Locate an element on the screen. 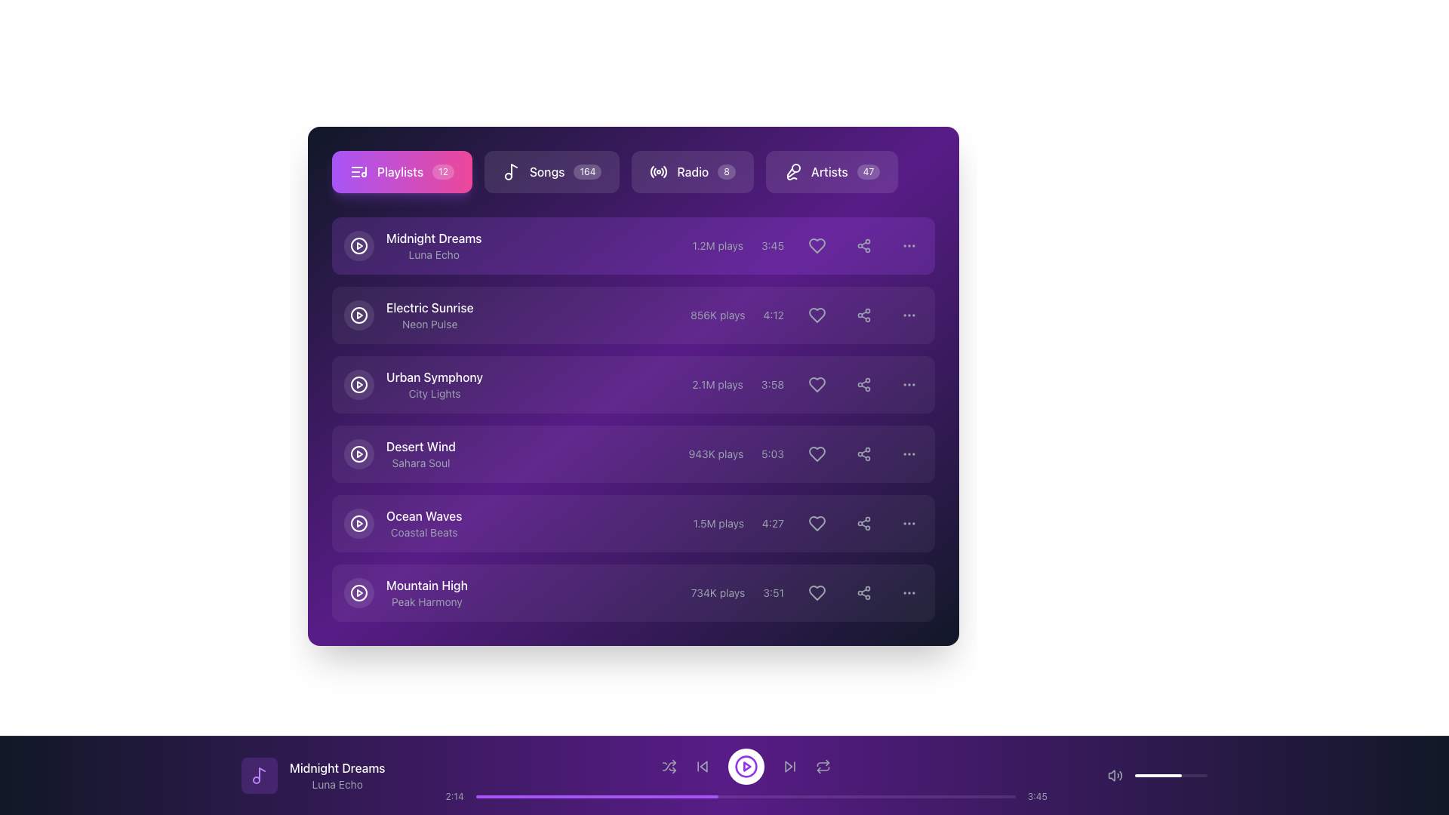 The image size is (1449, 815). the 'Songs' button, which is a rectangular button with a dark translucent background, containing a musical note icon and the text 'Songs' in white, located in the horizontal menu bar near the top of the interface is located at coordinates (551, 171).